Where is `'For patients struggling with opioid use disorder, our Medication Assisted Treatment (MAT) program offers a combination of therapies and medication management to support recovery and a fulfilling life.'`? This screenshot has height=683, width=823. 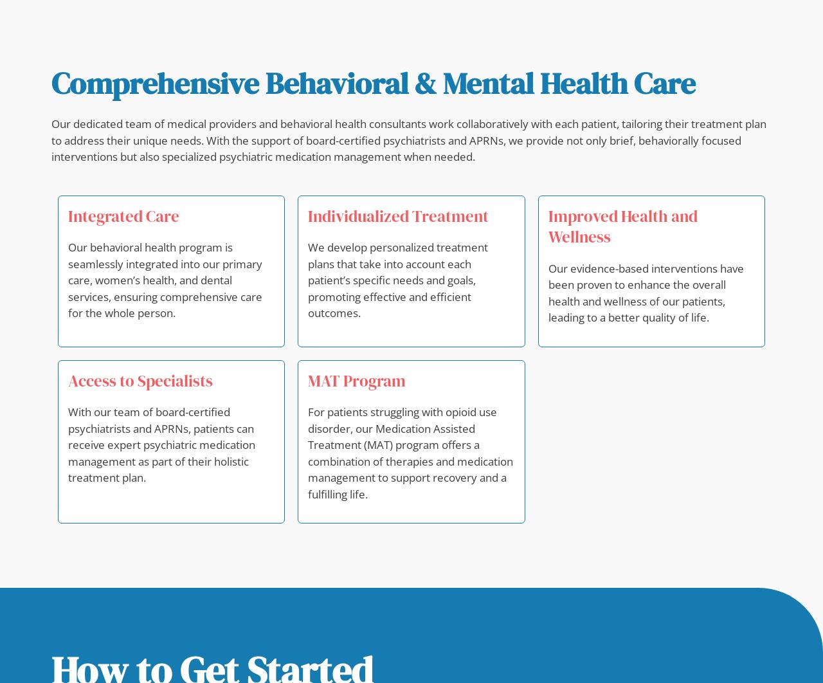 'For patients struggling with opioid use disorder, our Medication Assisted Treatment (MAT) program offers a combination of therapies and medication management to support recovery and a fulfilling life.' is located at coordinates (307, 452).